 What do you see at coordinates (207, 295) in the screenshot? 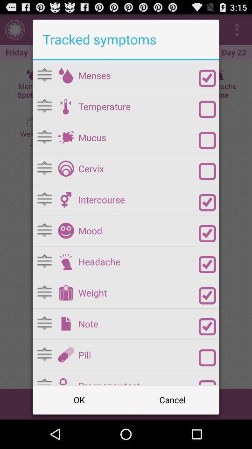
I see `weight to be tracked` at bounding box center [207, 295].